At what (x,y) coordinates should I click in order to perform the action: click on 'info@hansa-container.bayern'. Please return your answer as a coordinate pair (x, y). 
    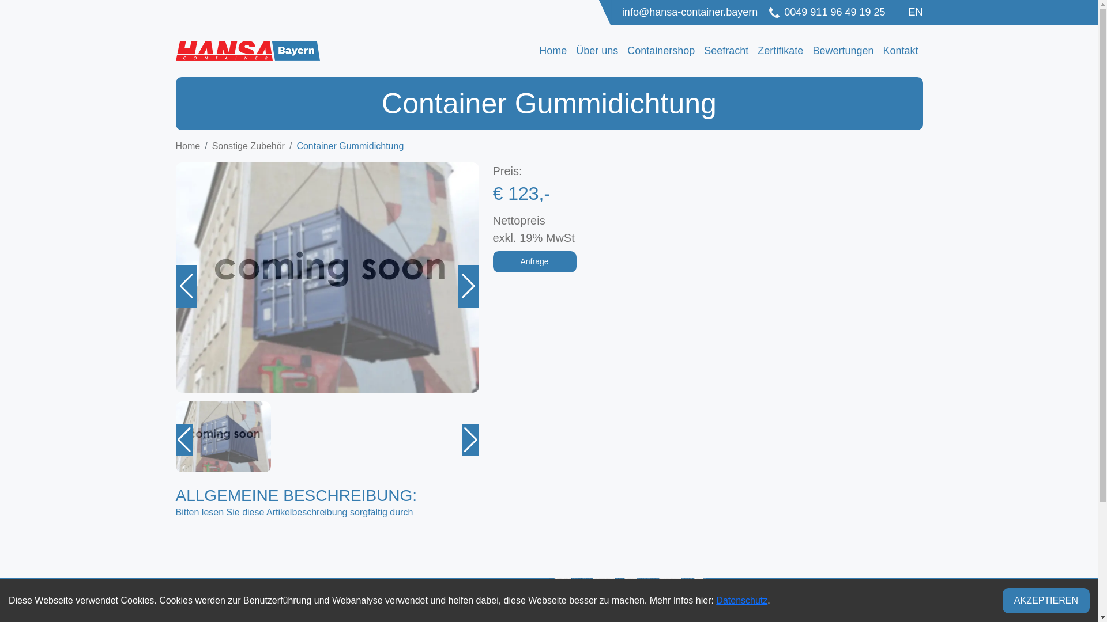
    Looking at the image, I should click on (622, 12).